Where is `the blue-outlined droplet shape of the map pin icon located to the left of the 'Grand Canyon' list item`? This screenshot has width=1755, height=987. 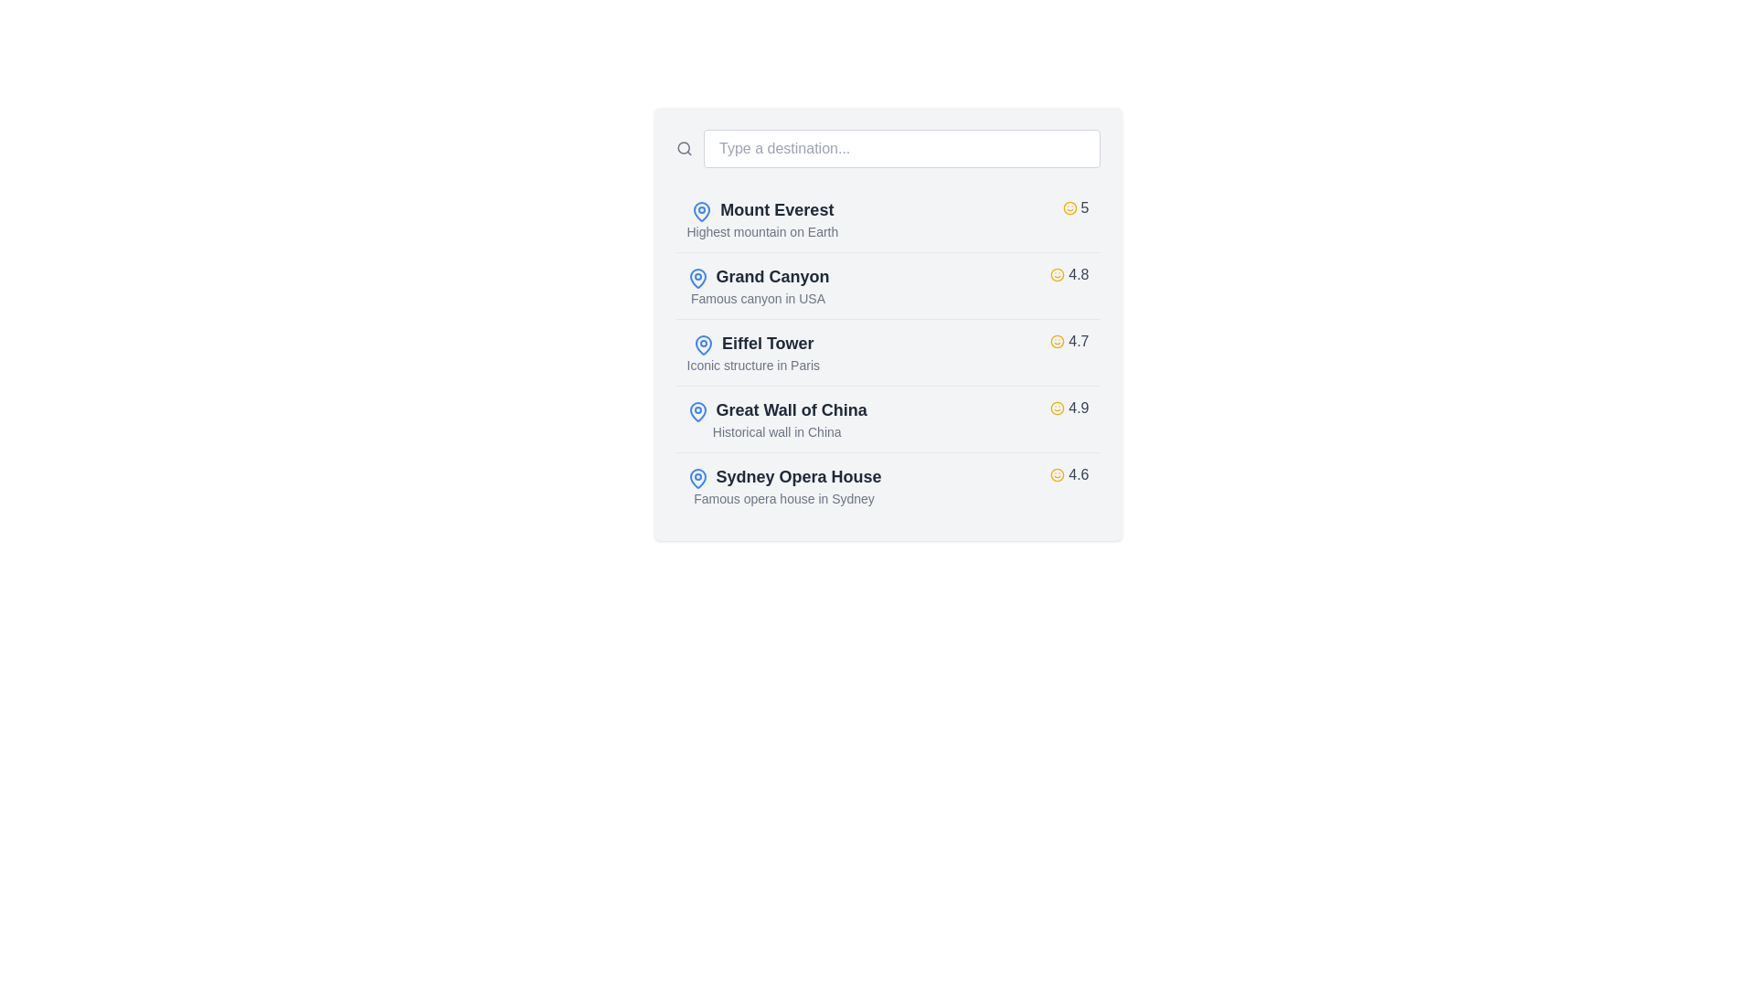
the blue-outlined droplet shape of the map pin icon located to the left of the 'Grand Canyon' list item is located at coordinates (697, 278).